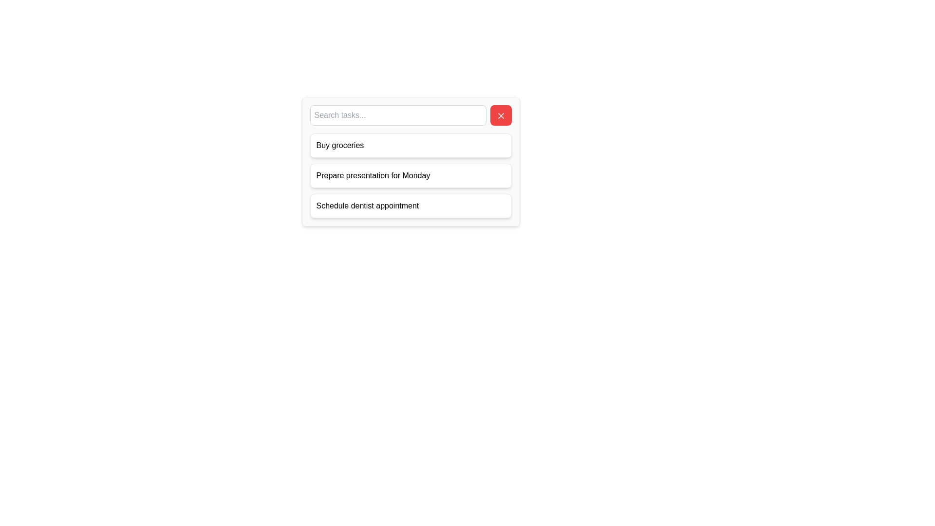 This screenshot has height=526, width=935. Describe the element at coordinates (411, 176) in the screenshot. I see `the task element labeled 'Prepare presentation for Monday', which is the second item in a vertically arranged list, positioned below 'Buy groceries' and above 'Schedule dentist appointment'` at that location.